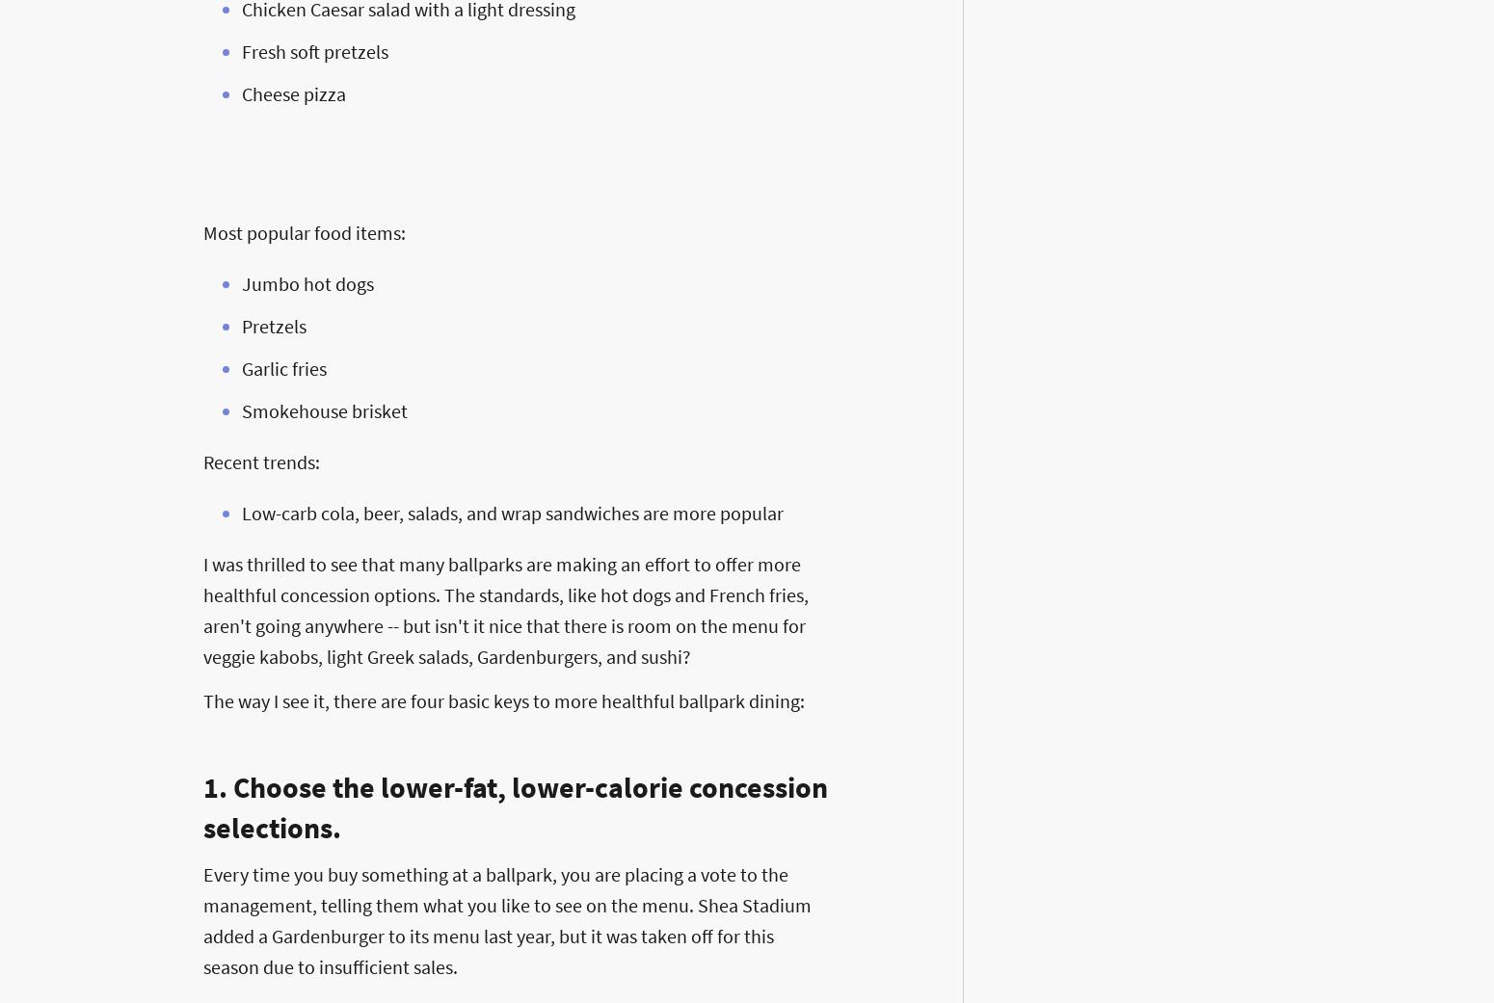 This screenshot has width=1494, height=1003. I want to click on 'The way I see it, there are four basic keys to more healthful ballpark dining:', so click(502, 699).